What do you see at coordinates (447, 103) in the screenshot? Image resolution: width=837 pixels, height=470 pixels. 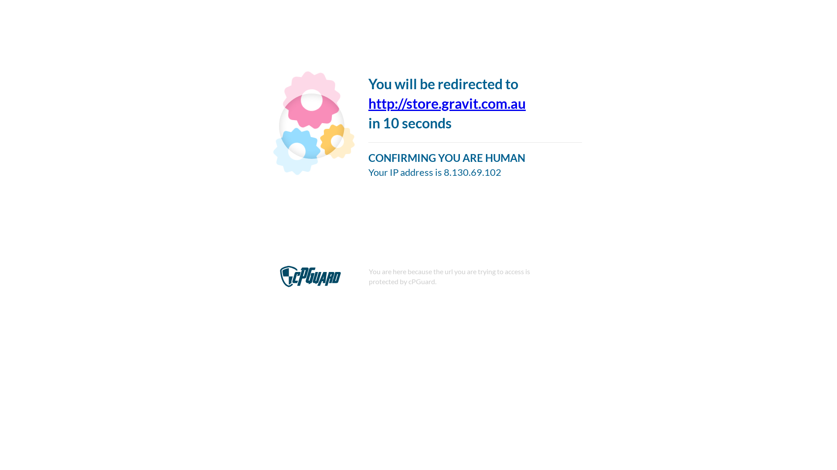 I see `'http://store.gravit.com.au'` at bounding box center [447, 103].